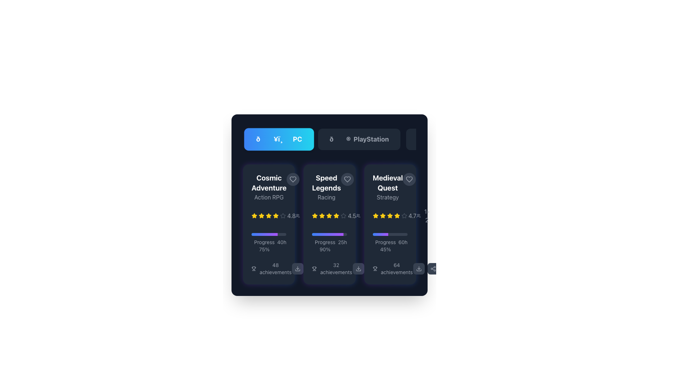 This screenshot has width=687, height=386. Describe the element at coordinates (393, 269) in the screenshot. I see `the informational text label that shows the number of achievements unlocked for the 'Medieval Quest' card, located at the bottom-right corner of the interface` at that location.